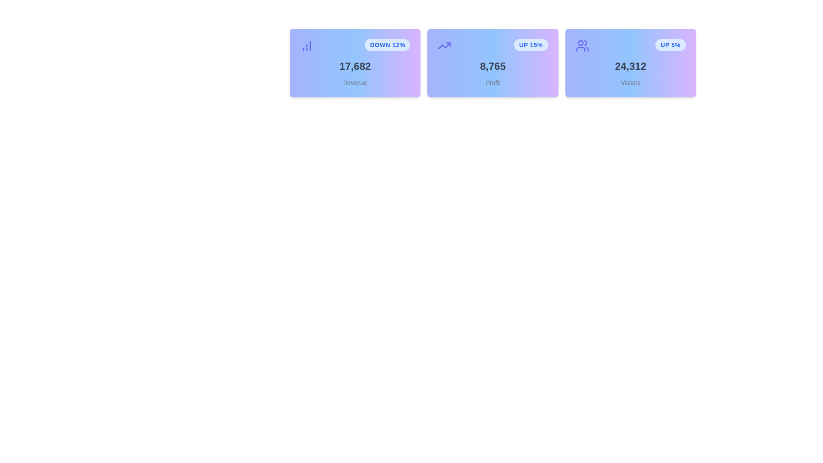  What do you see at coordinates (493, 62) in the screenshot?
I see `the Informational Card displaying a 15% increase in profit data, centrally placed in the grid between two other cards` at bounding box center [493, 62].